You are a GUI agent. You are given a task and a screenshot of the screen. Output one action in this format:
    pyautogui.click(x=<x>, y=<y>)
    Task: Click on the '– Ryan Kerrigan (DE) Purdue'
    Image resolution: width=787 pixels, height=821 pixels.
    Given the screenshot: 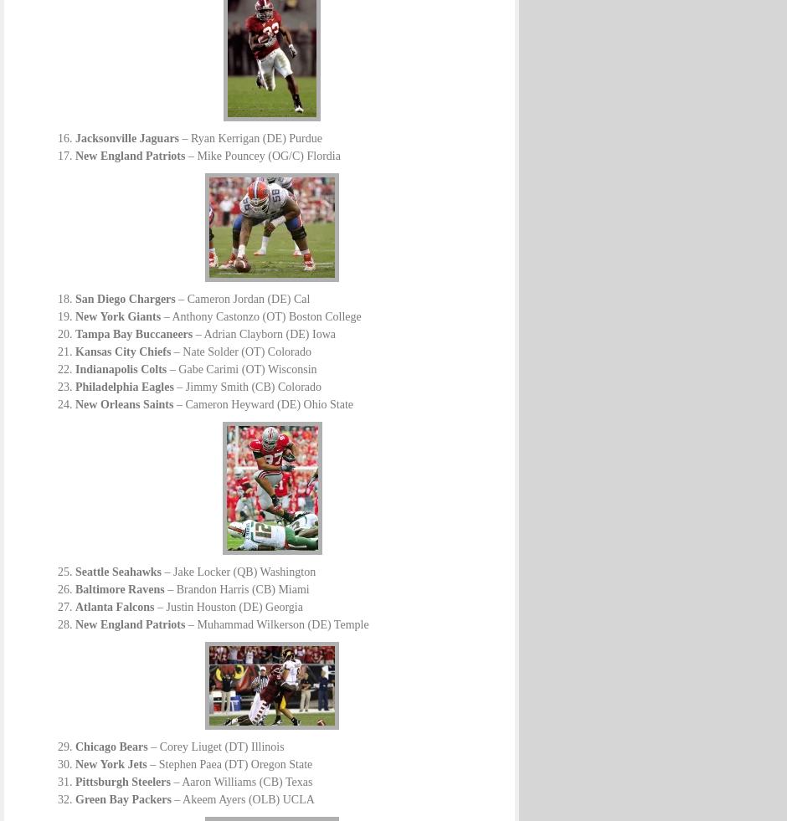 What is the action you would take?
    pyautogui.click(x=178, y=137)
    